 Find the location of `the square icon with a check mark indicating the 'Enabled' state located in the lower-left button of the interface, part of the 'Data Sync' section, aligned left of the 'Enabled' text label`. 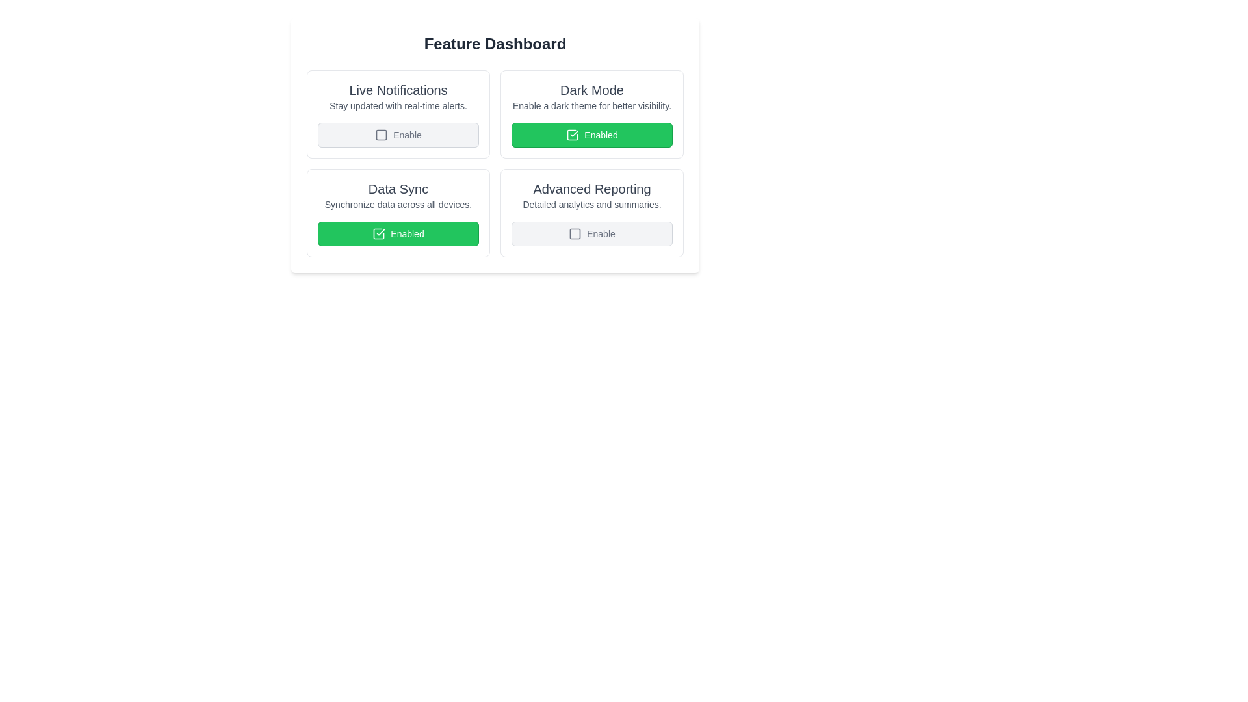

the square icon with a check mark indicating the 'Enabled' state located in the lower-left button of the interface, part of the 'Data Sync' section, aligned left of the 'Enabled' text label is located at coordinates (378, 233).